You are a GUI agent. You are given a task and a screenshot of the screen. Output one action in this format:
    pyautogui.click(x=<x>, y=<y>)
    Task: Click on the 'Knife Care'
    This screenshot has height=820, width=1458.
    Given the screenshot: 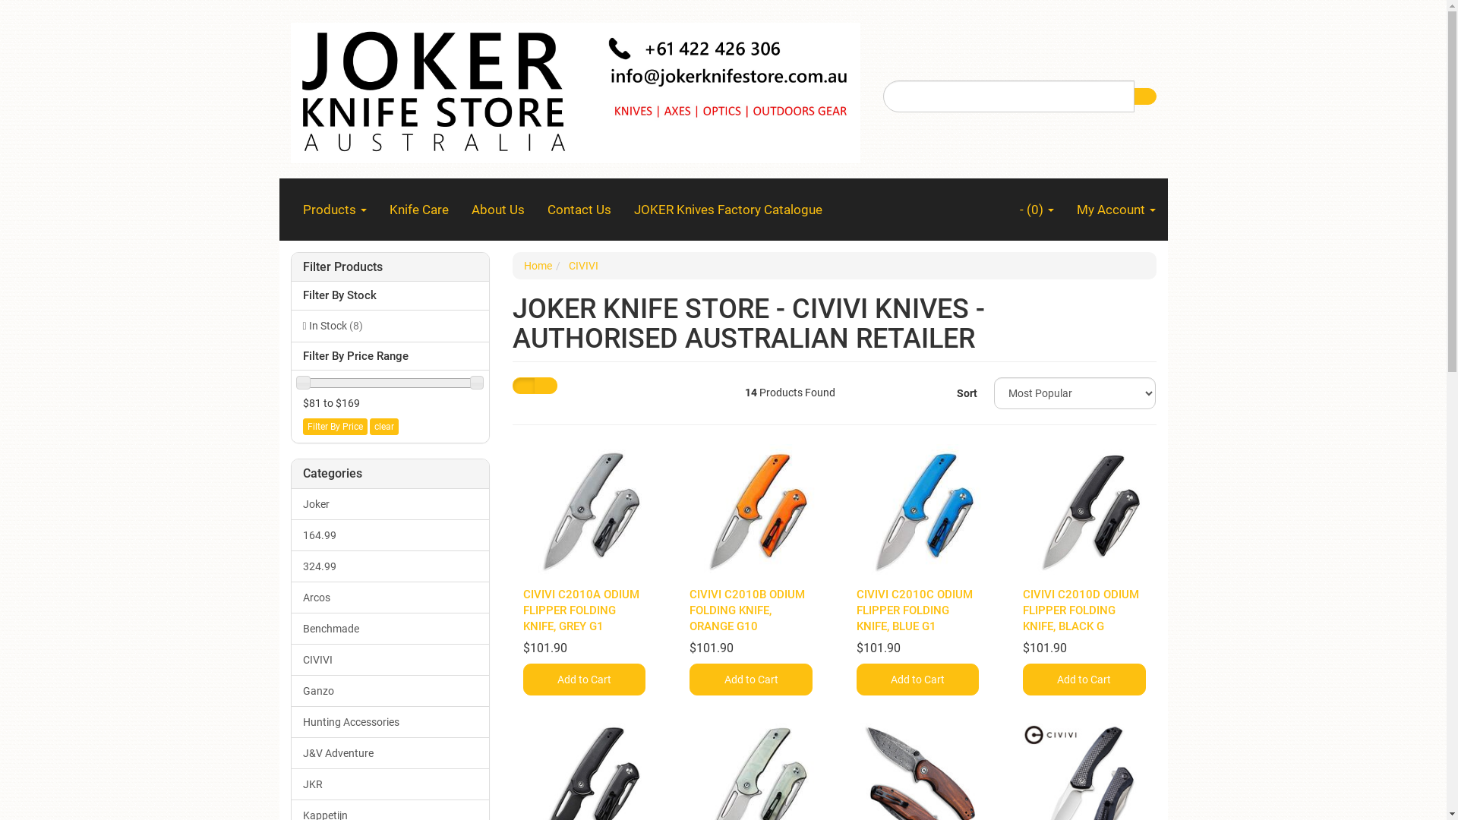 What is the action you would take?
    pyautogui.click(x=419, y=210)
    